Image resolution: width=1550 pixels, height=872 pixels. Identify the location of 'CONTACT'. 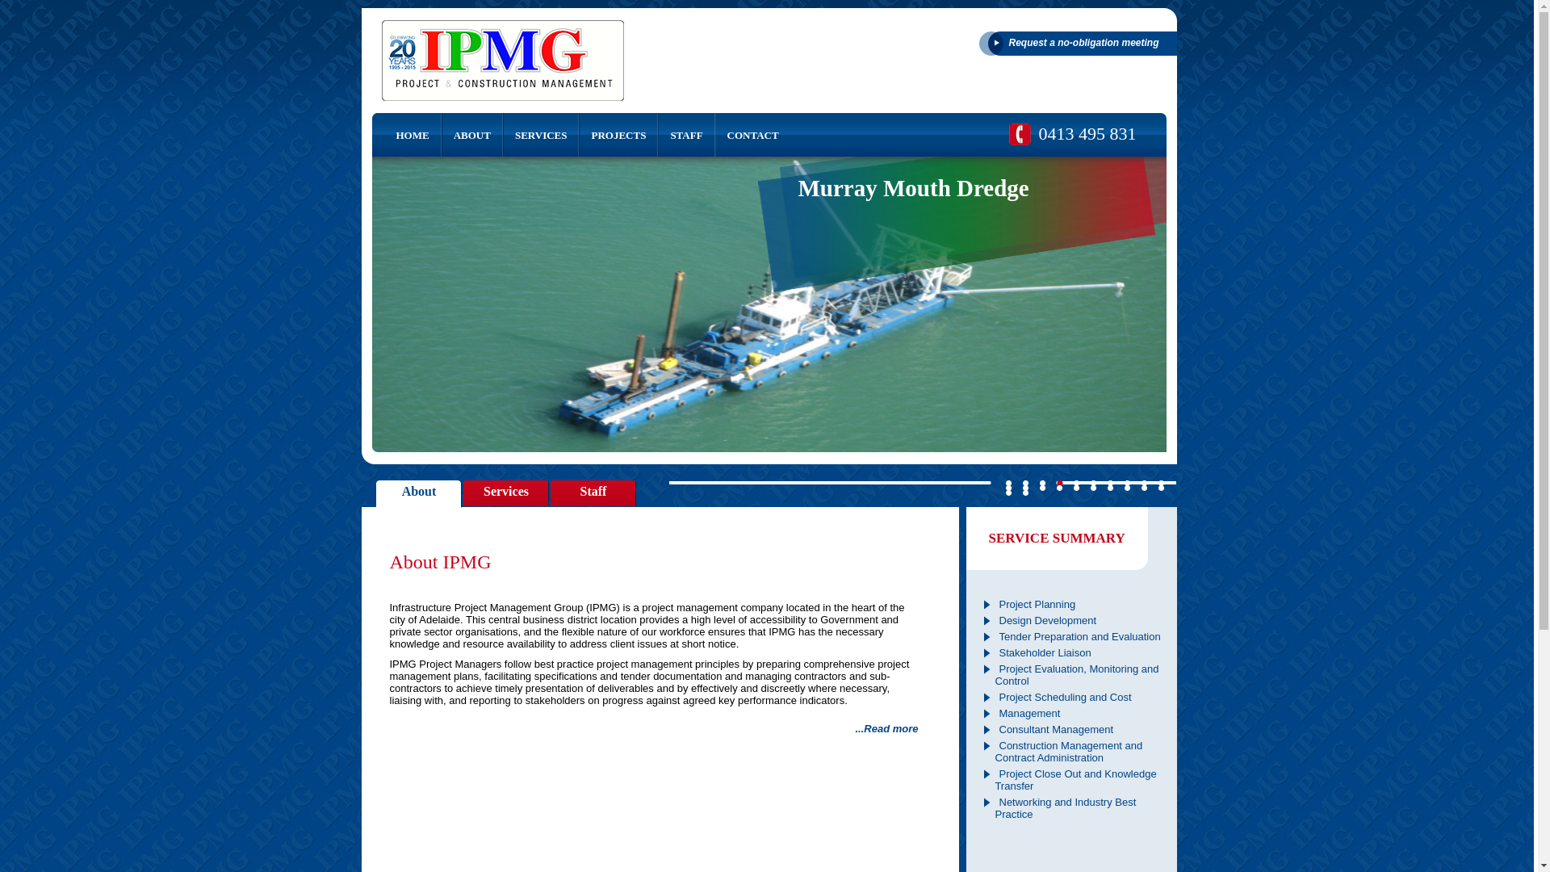
(752, 133).